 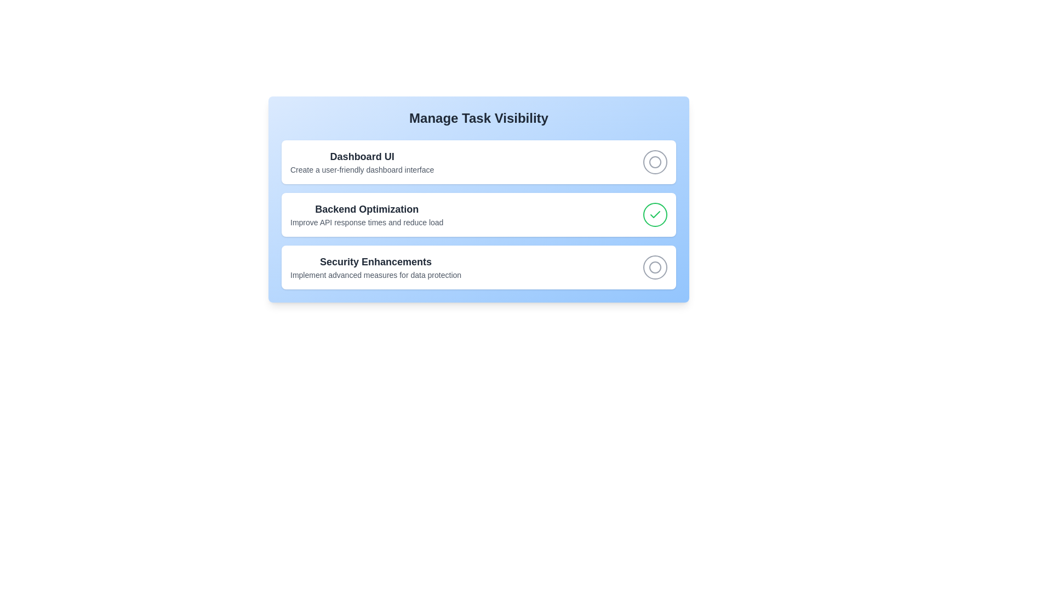 I want to click on descriptive subtitle text located beneath the 'Dashboard UI' title in the Dashboard UI section, so click(x=362, y=169).